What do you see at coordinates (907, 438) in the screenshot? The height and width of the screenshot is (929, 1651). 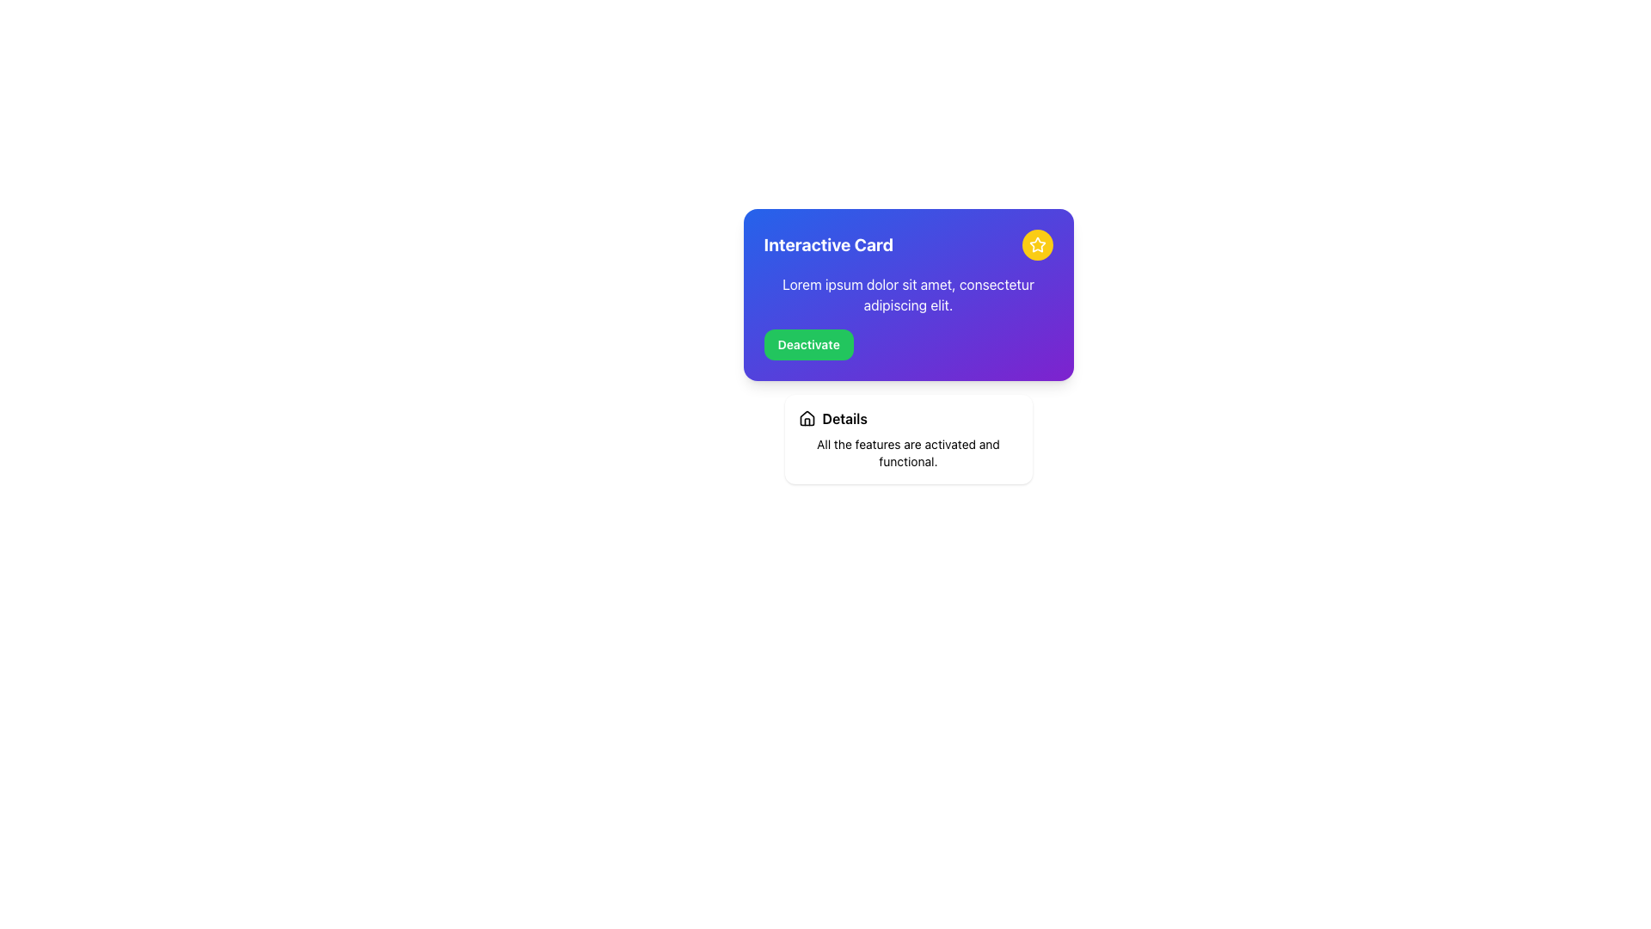 I see `the informational card providing descriptive details about certain features, located directly below the main interactive card at the specified coordinates` at bounding box center [907, 438].